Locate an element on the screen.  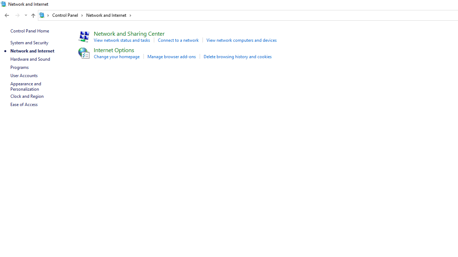
'Appearance and Personalization' is located at coordinates (26, 86).